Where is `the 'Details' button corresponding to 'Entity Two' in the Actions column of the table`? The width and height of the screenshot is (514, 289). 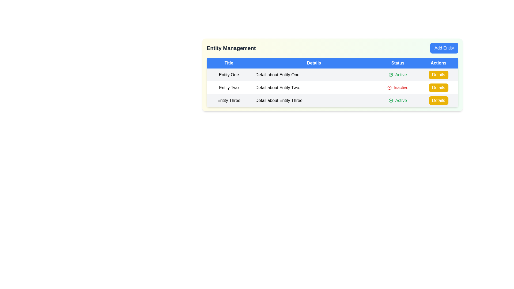
the 'Details' button corresponding to 'Entity Two' in the Actions column of the table is located at coordinates (439, 87).